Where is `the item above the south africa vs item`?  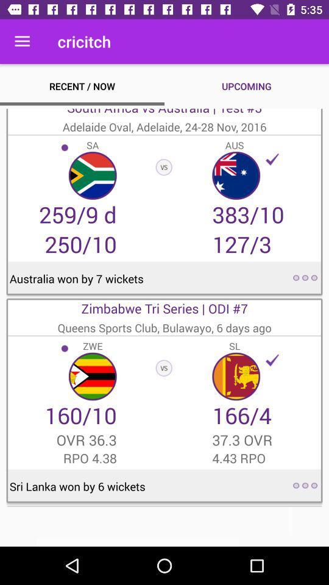
the item above the south africa vs item is located at coordinates (22, 41).